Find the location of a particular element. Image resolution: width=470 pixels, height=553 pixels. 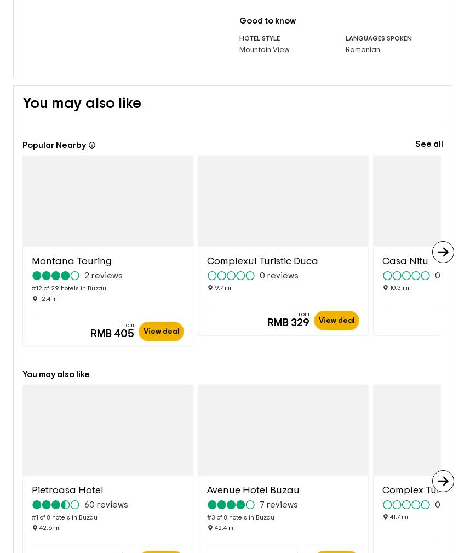

'2' is located at coordinates (86, 258).